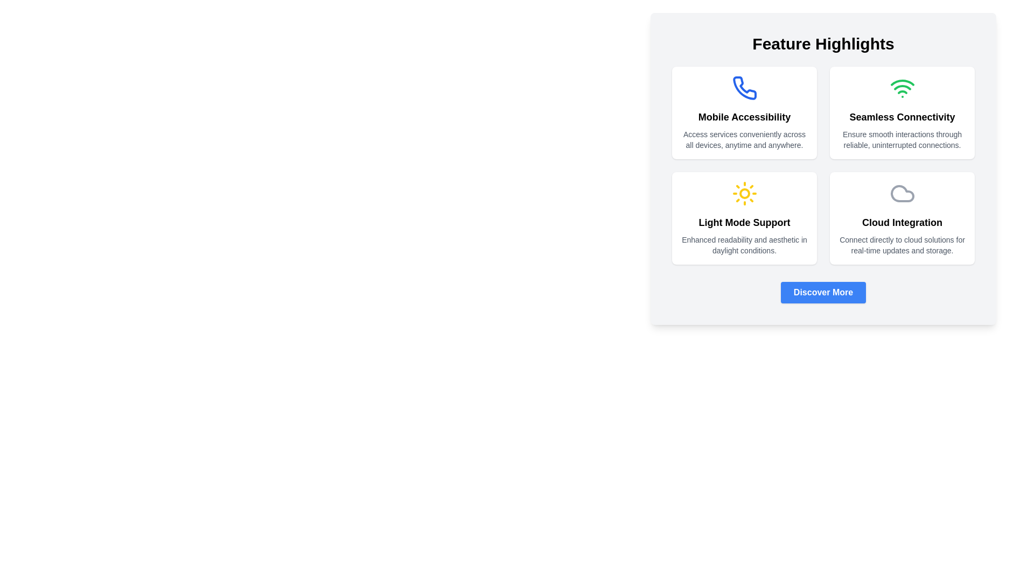 This screenshot has height=581, width=1034. What do you see at coordinates (744, 87) in the screenshot?
I see `the SVG graphic that represents a telephone, located in the 'Mobile Accessibility' section of the interface` at bounding box center [744, 87].